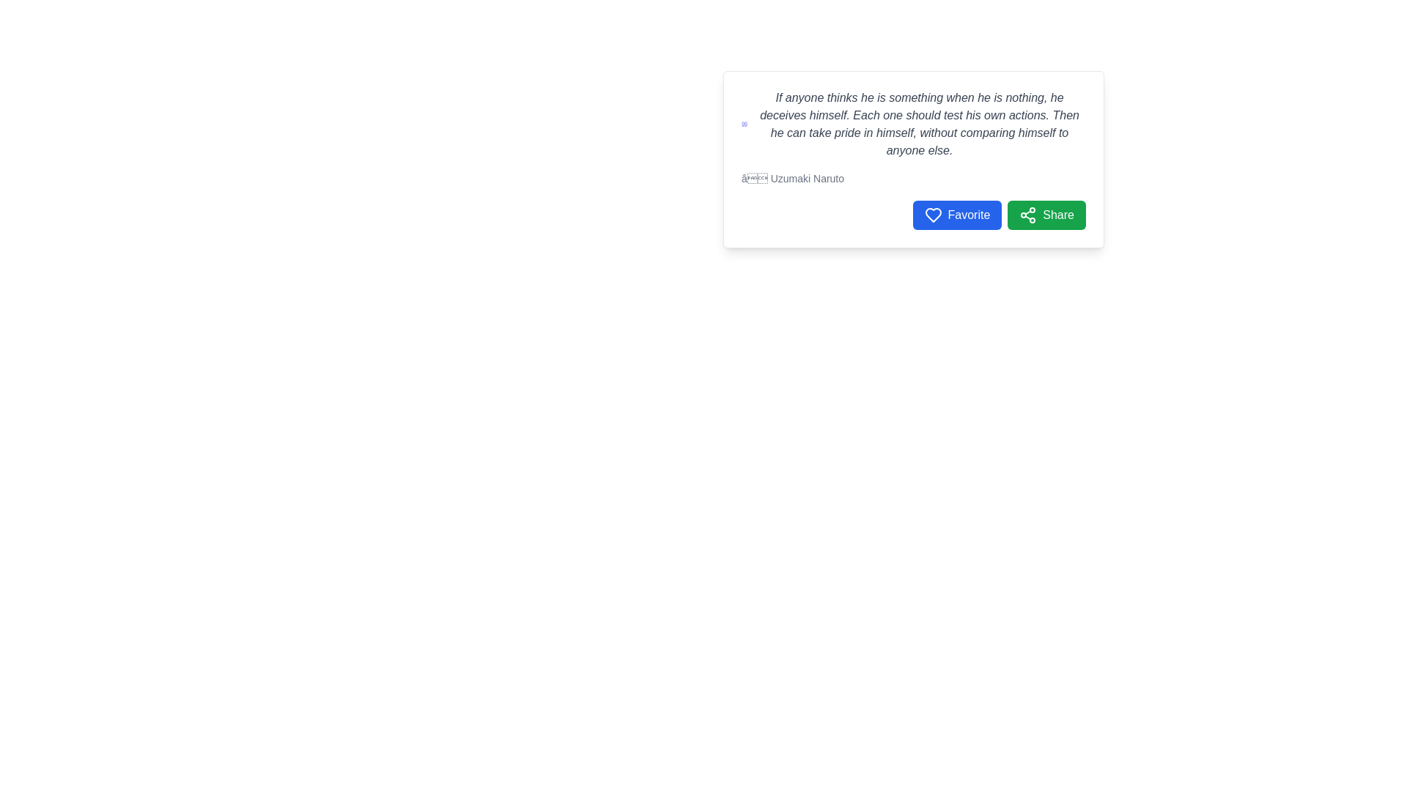 The image size is (1407, 791). What do you see at coordinates (919, 123) in the screenshot?
I see `italicized text content displayed in the white card component, which serves as a quotation or notable statement` at bounding box center [919, 123].